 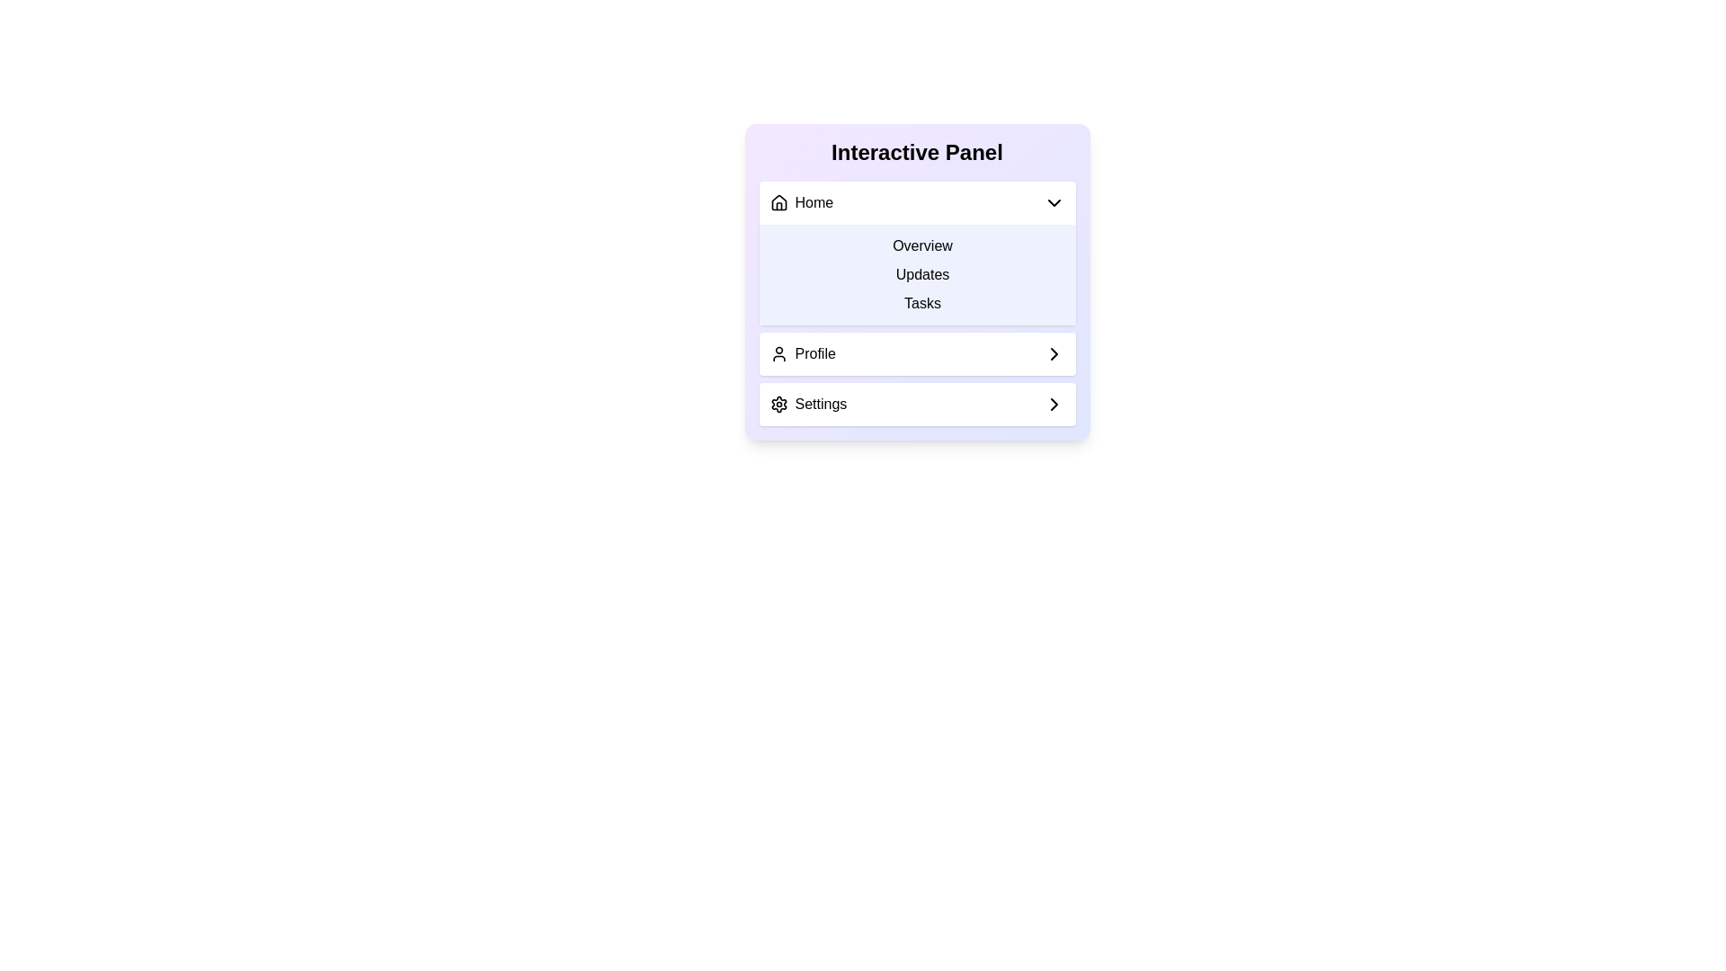 I want to click on the navigational button located below the 'Overview', 'Updates', and 'Tasks' options, so click(x=917, y=353).